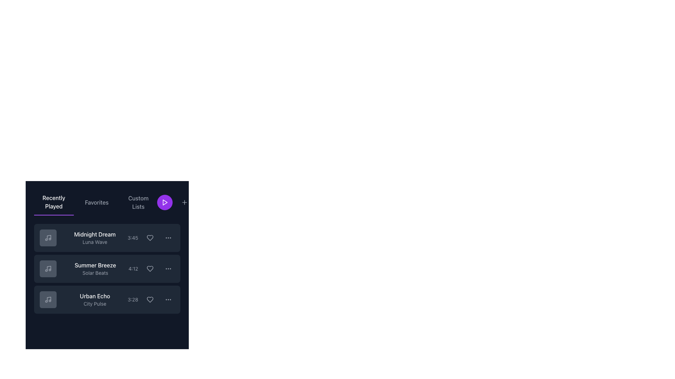 This screenshot has height=379, width=675. What do you see at coordinates (168, 299) in the screenshot?
I see `the circular button with three gray dots (ellipsis) inside, located to the far right of the 'Urban Echo' list item` at bounding box center [168, 299].